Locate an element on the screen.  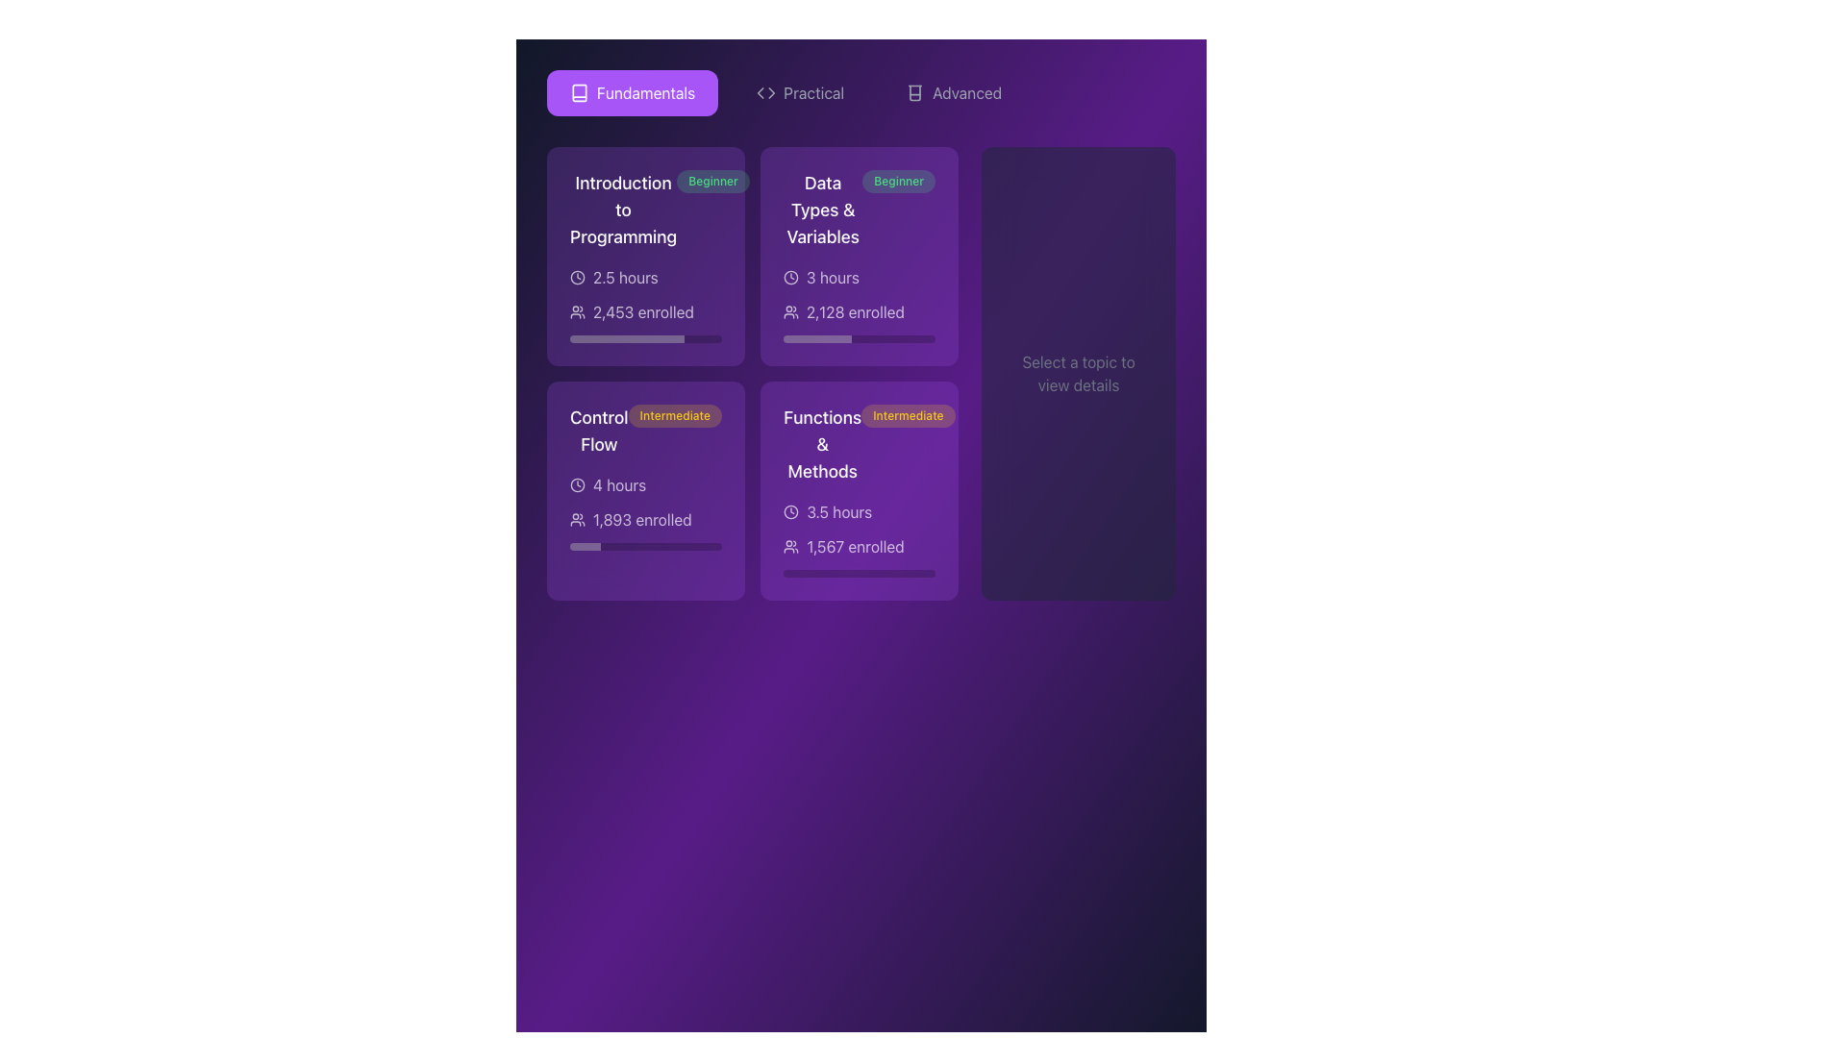
information displayed in the text block that shows '3 hours 2,128 enrolled' with a purple background and white text, located at the bottom of the 'Data Types & Variables' card in the 'Beginner' category is located at coordinates (858, 303).